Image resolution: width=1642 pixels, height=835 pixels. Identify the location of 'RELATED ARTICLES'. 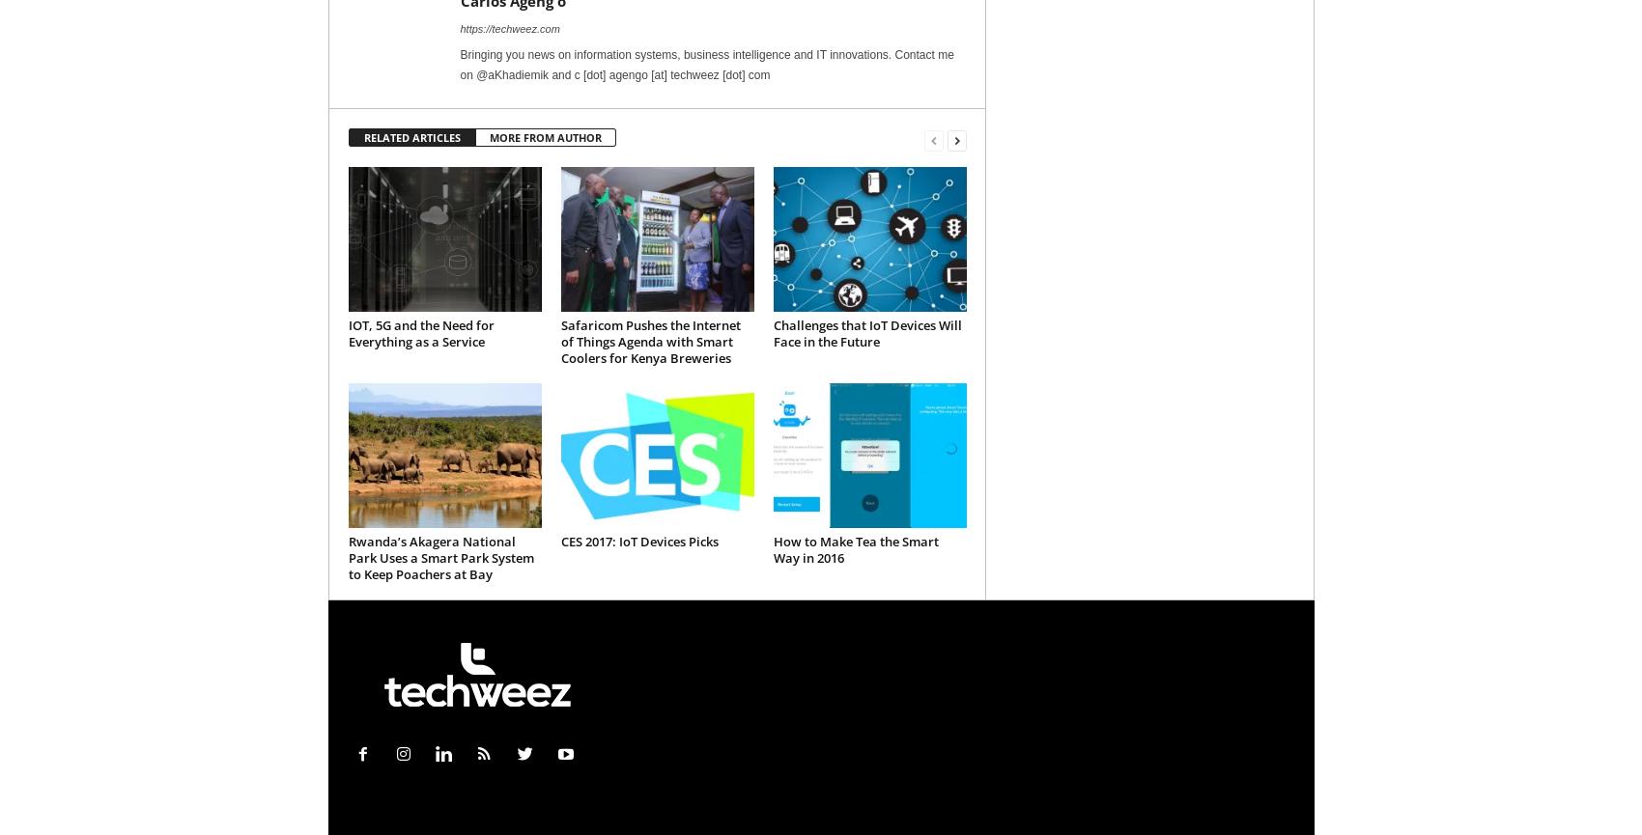
(362, 137).